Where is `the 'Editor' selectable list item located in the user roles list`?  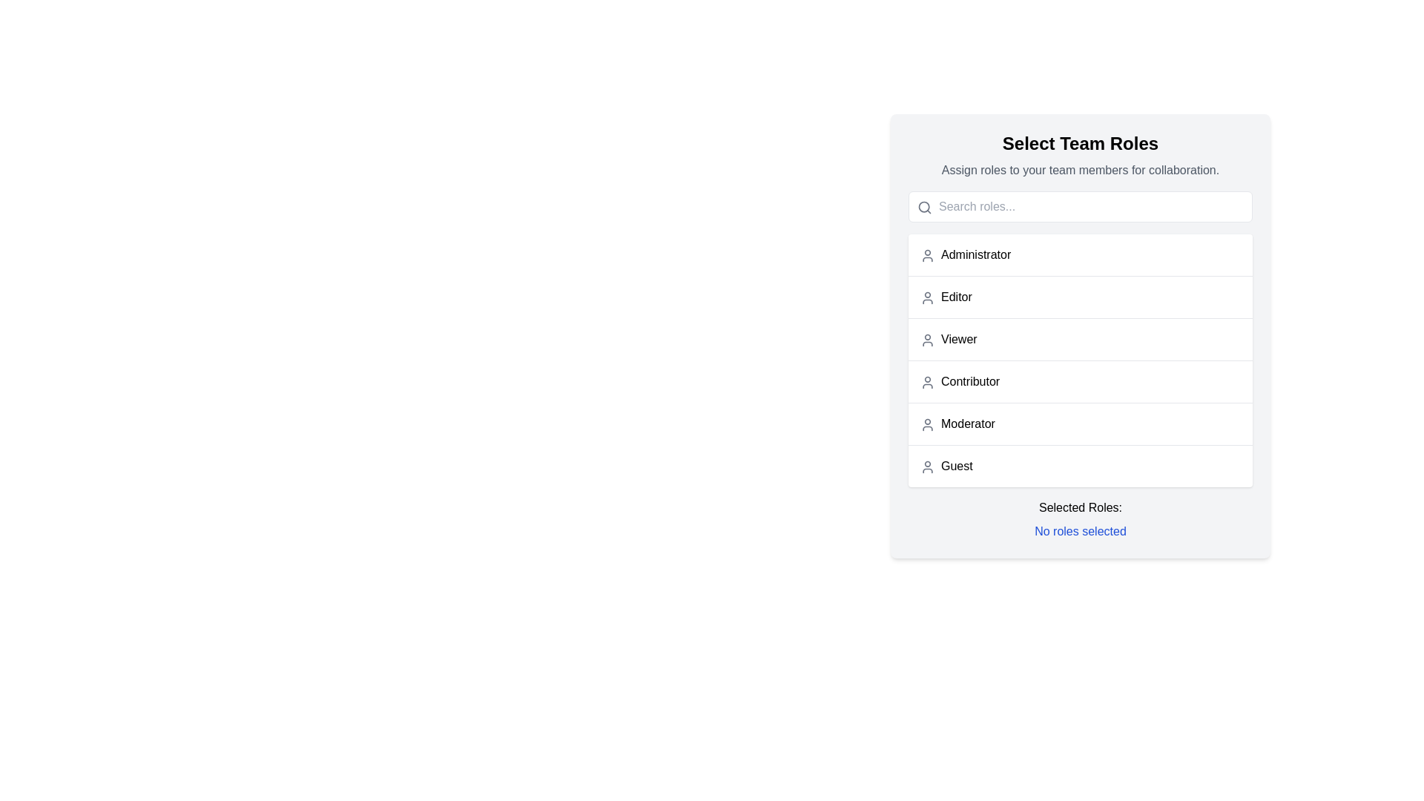 the 'Editor' selectable list item located in the user roles list is located at coordinates (1081, 297).